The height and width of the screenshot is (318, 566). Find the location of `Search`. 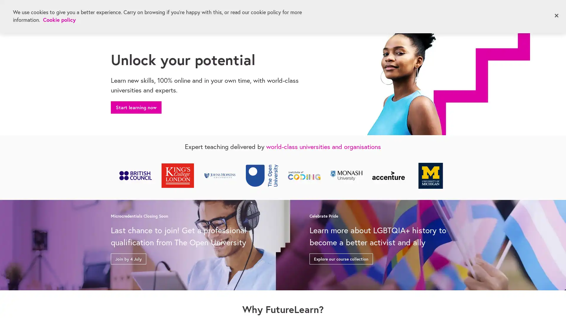

Search is located at coordinates (496, 13).